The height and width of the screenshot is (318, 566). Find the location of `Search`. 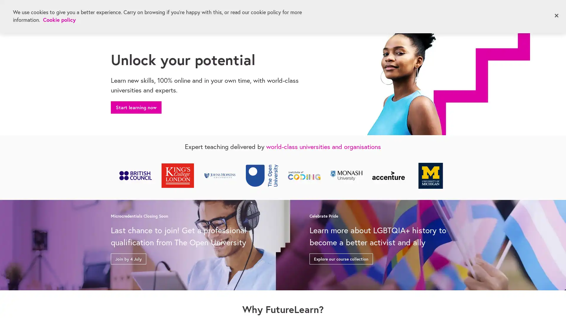

Search is located at coordinates (496, 13).